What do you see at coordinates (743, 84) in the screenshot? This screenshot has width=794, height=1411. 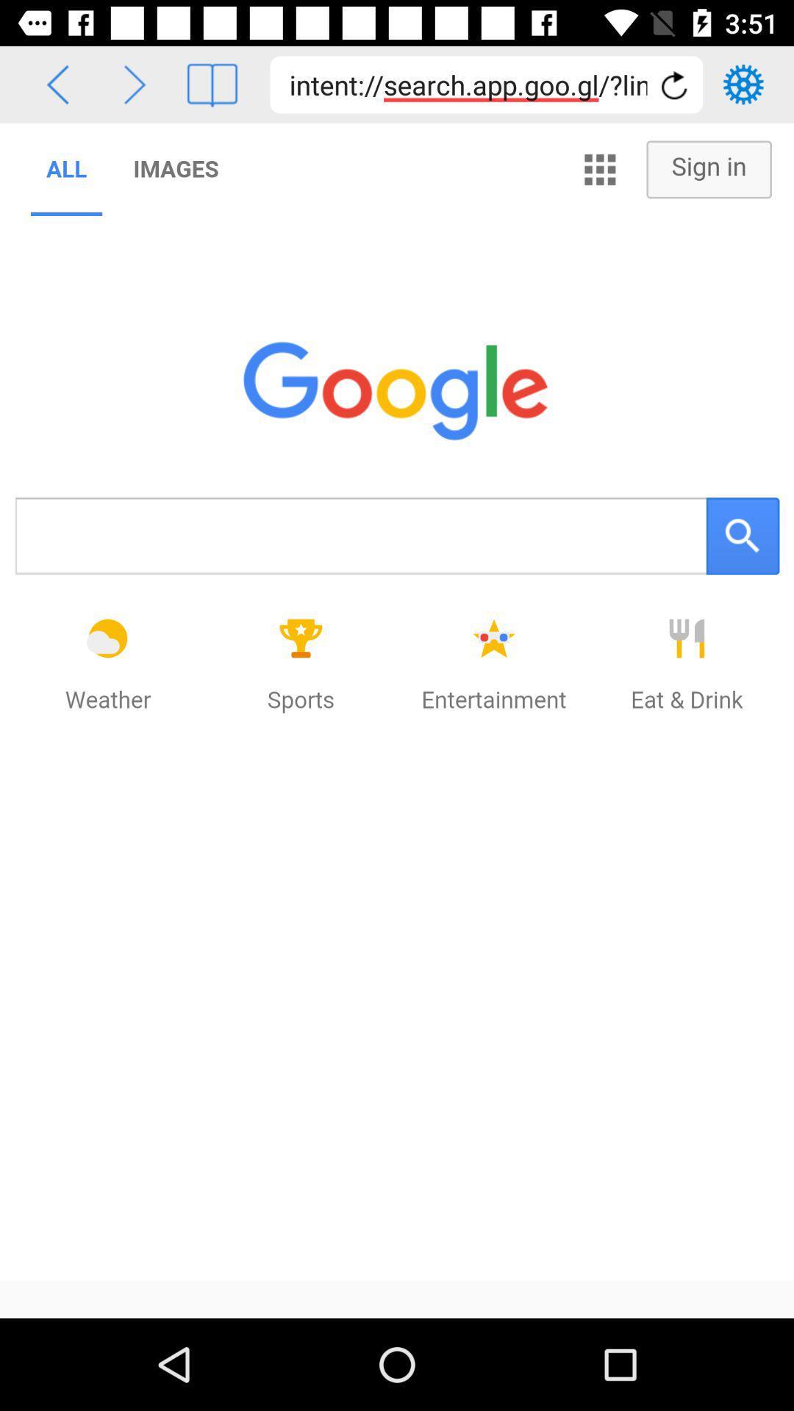 I see `settings` at bounding box center [743, 84].